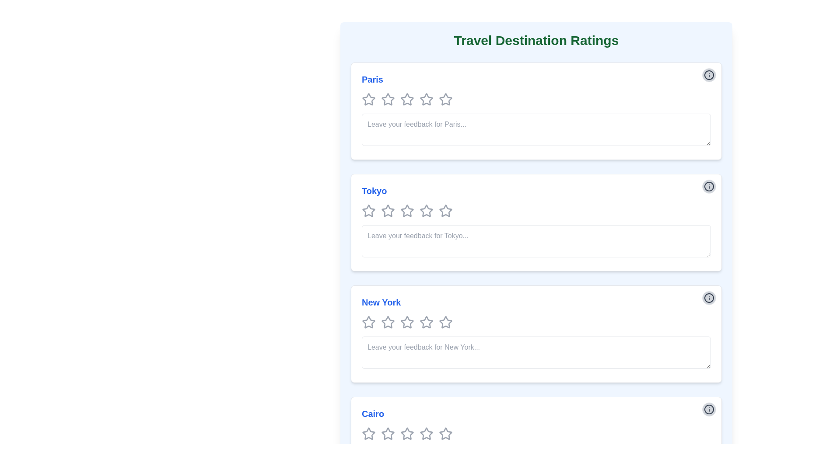 The height and width of the screenshot is (472, 840). Describe the element at coordinates (369, 434) in the screenshot. I see `the first star in the rating component for 'Cairo' to set the rating as one star` at that location.